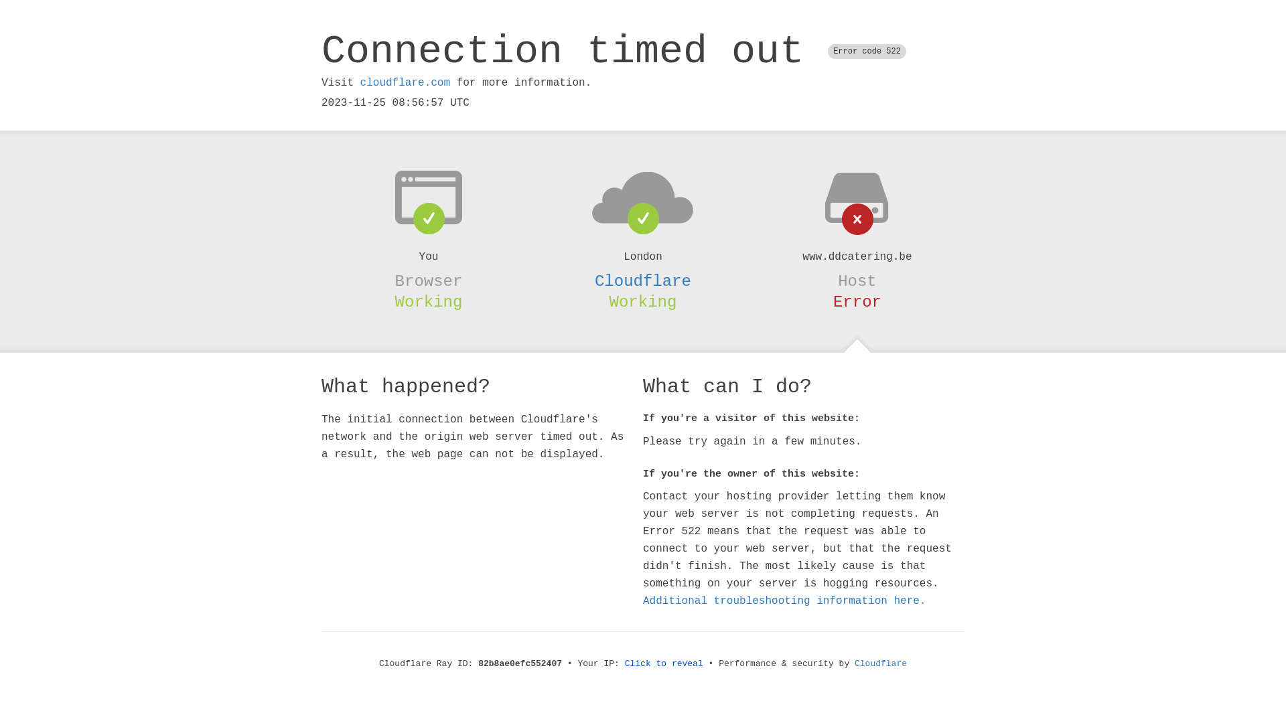 The image size is (1286, 723). I want to click on 'cloudflare.com', so click(404, 82).